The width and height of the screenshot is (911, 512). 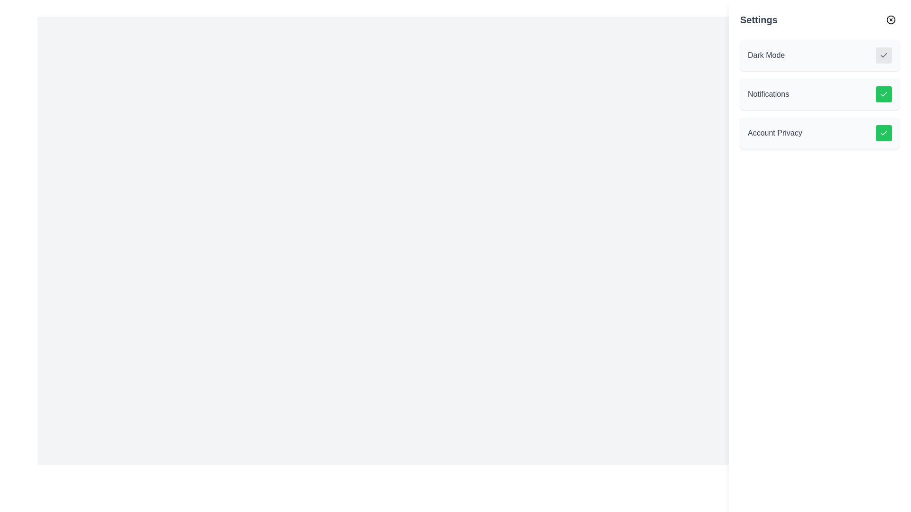 What do you see at coordinates (883, 94) in the screenshot?
I see `the toggle indicator with a checkmark in the Notifications settings` at bounding box center [883, 94].